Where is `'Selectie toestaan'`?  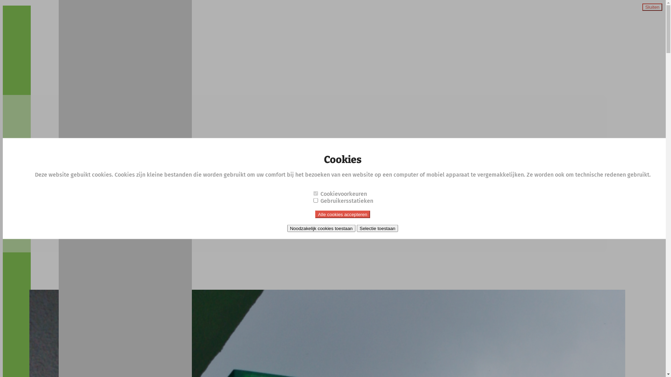
'Selectie toestaan' is located at coordinates (377, 228).